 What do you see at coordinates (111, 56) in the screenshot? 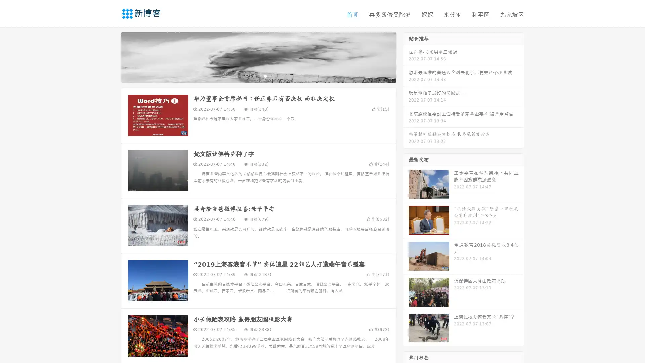
I see `Previous slide` at bounding box center [111, 56].